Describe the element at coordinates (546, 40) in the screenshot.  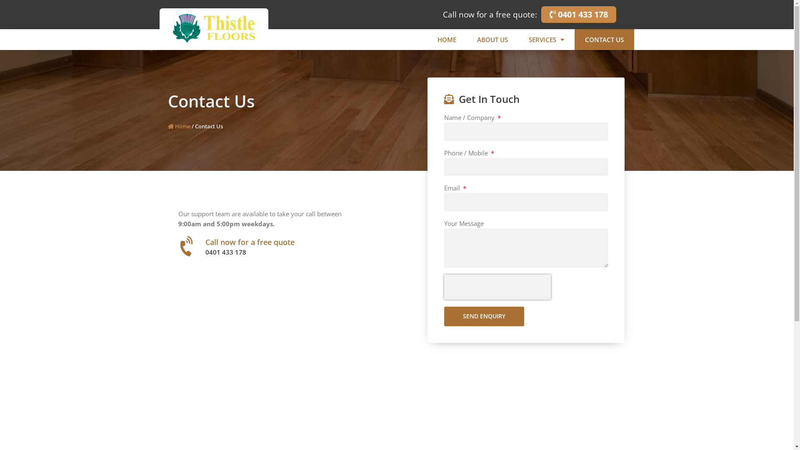
I see `'SERVICES'` at that location.